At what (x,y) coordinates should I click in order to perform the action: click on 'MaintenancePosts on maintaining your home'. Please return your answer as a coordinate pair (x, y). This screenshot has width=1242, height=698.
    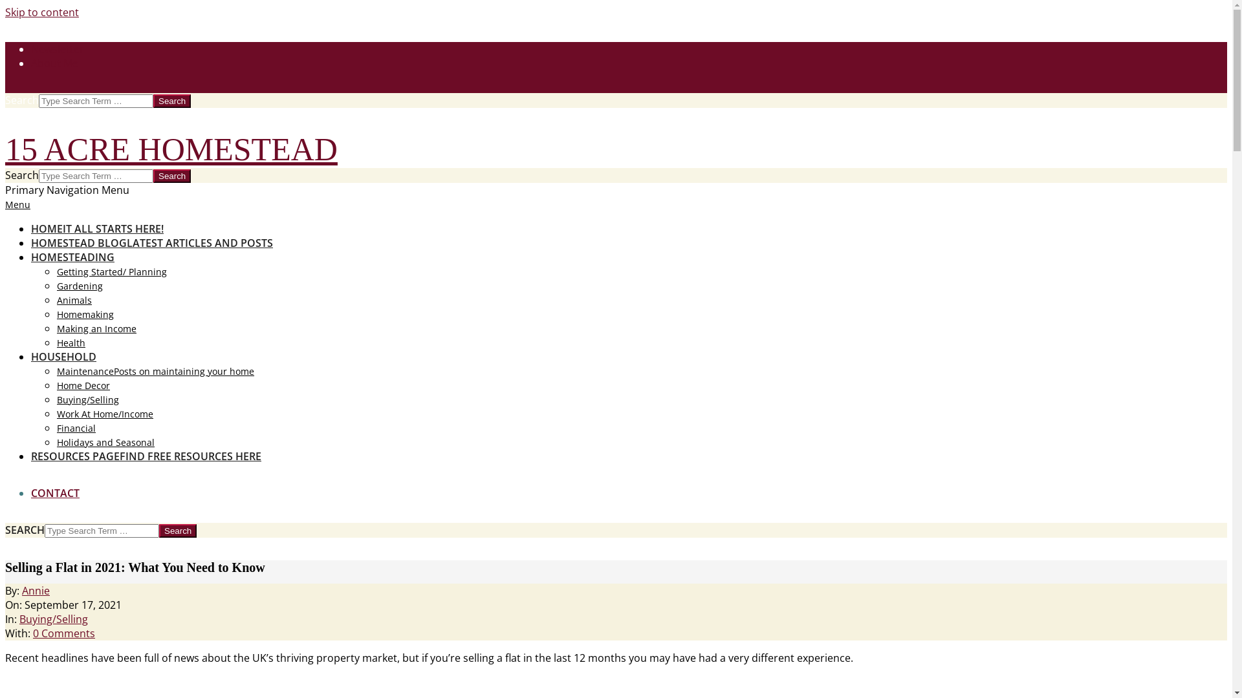
    Looking at the image, I should click on (155, 371).